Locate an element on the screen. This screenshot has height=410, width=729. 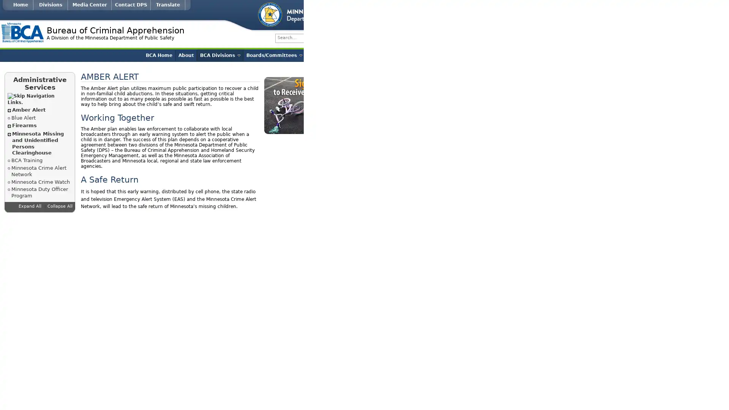
Search is located at coordinates (540, 38).